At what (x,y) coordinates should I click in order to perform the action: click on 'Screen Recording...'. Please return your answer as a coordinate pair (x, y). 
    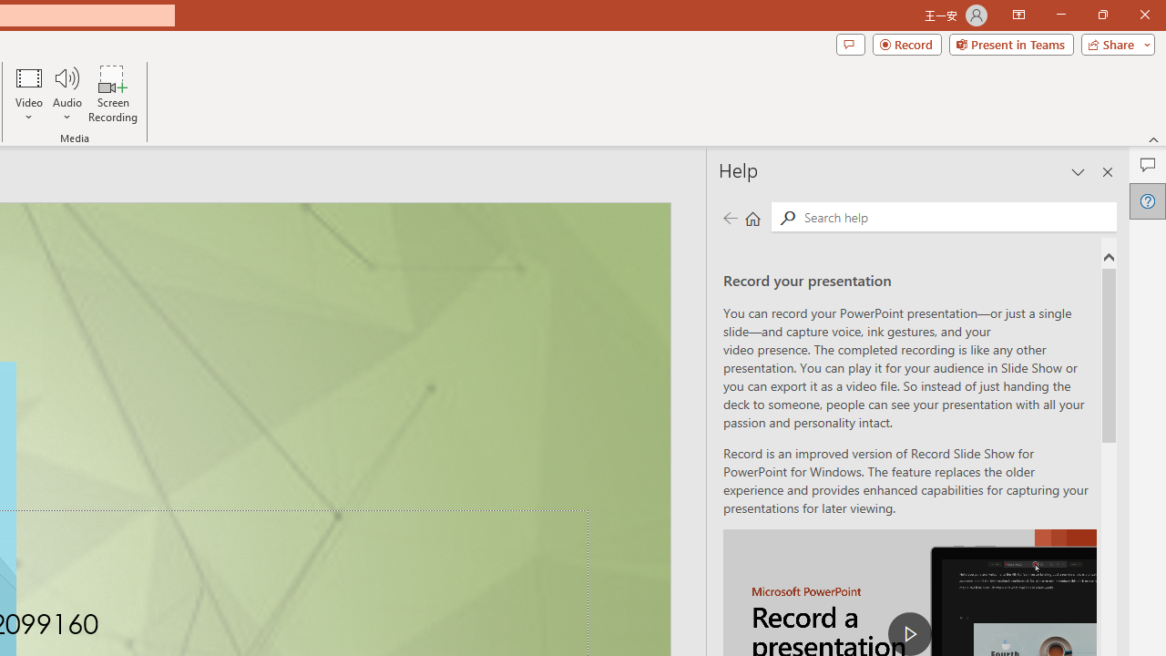
    Looking at the image, I should click on (112, 94).